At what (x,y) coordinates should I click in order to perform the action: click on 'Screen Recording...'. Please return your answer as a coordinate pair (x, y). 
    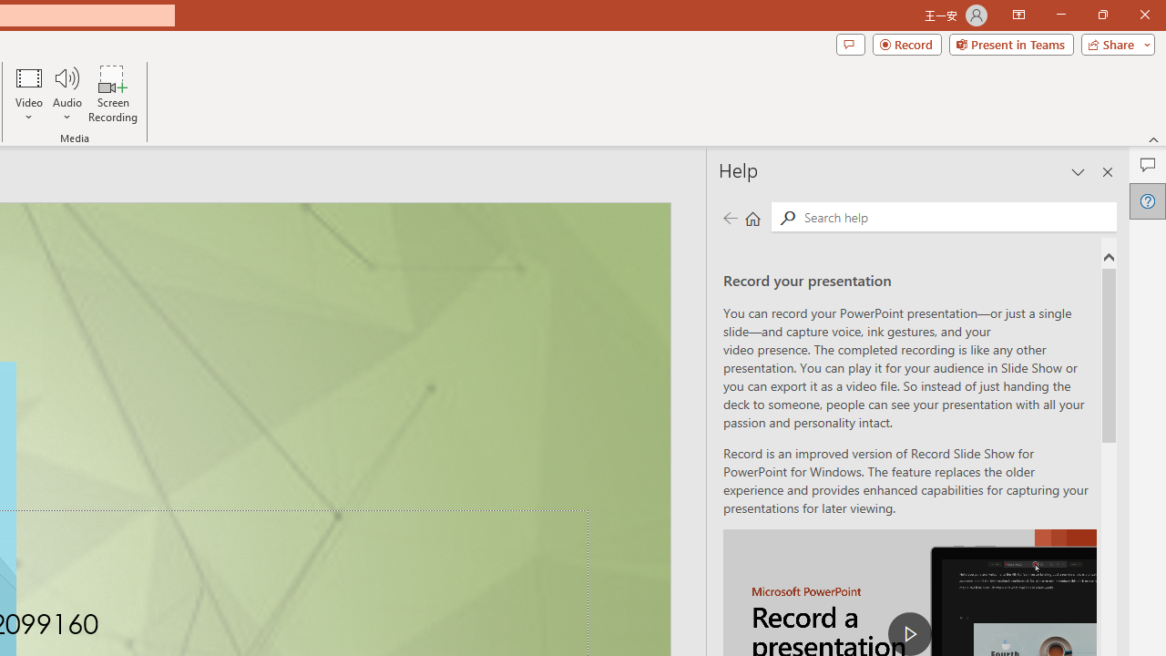
    Looking at the image, I should click on (112, 94).